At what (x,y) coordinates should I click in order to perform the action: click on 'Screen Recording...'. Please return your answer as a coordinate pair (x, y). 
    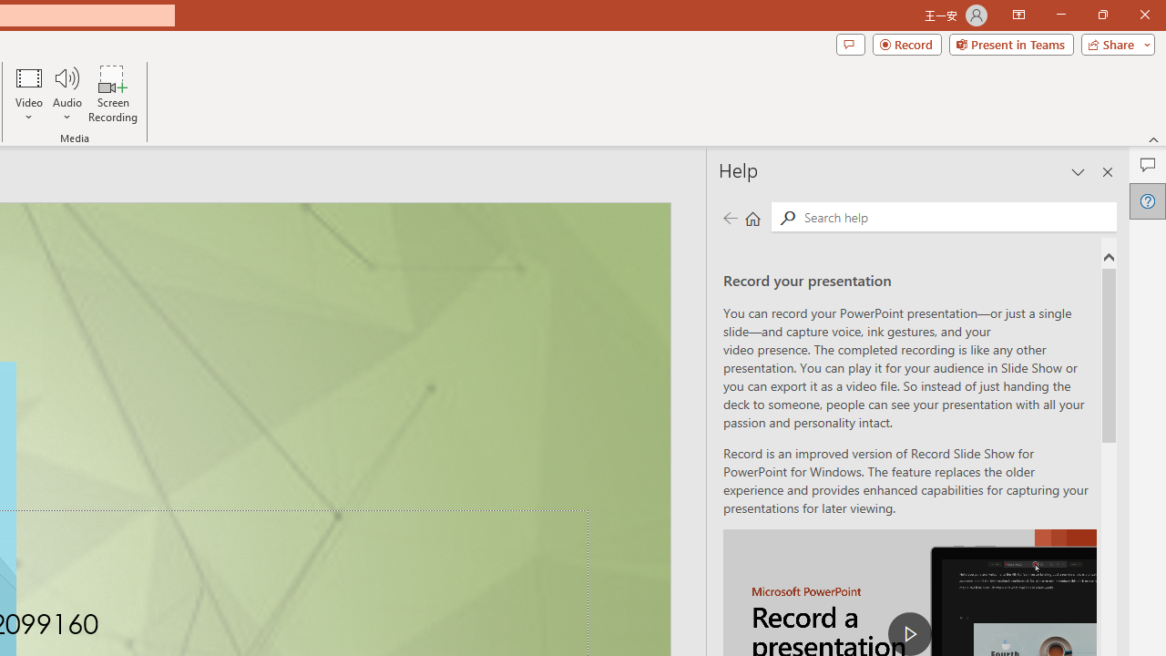
    Looking at the image, I should click on (112, 94).